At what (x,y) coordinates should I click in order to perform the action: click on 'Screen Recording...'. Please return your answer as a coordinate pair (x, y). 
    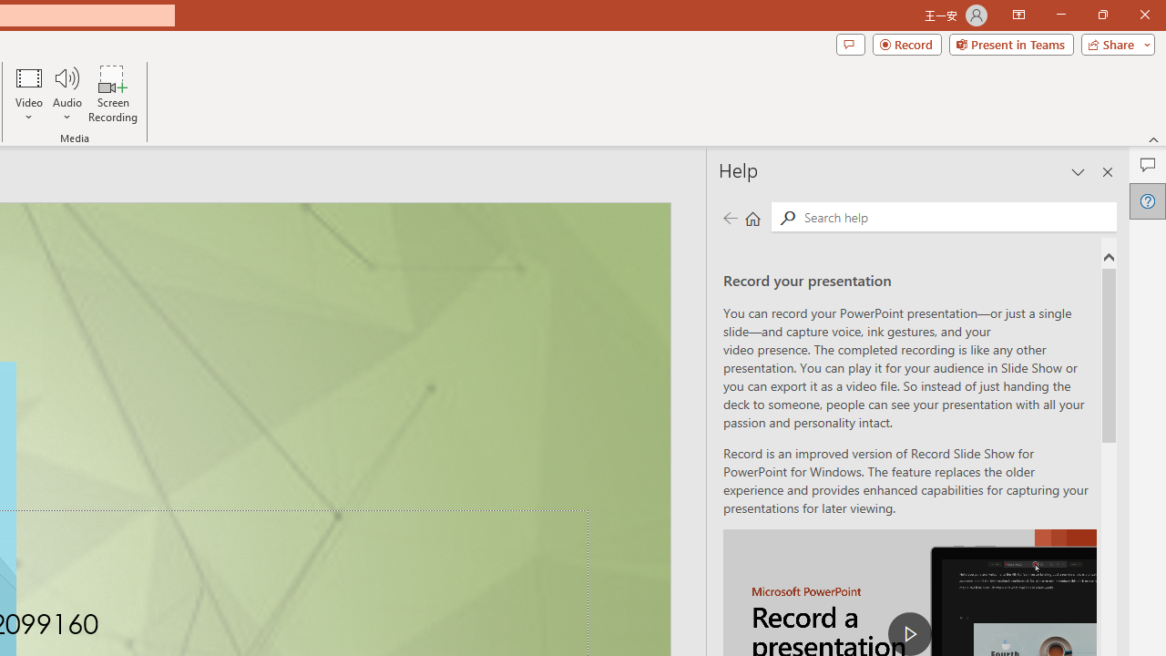
    Looking at the image, I should click on (112, 94).